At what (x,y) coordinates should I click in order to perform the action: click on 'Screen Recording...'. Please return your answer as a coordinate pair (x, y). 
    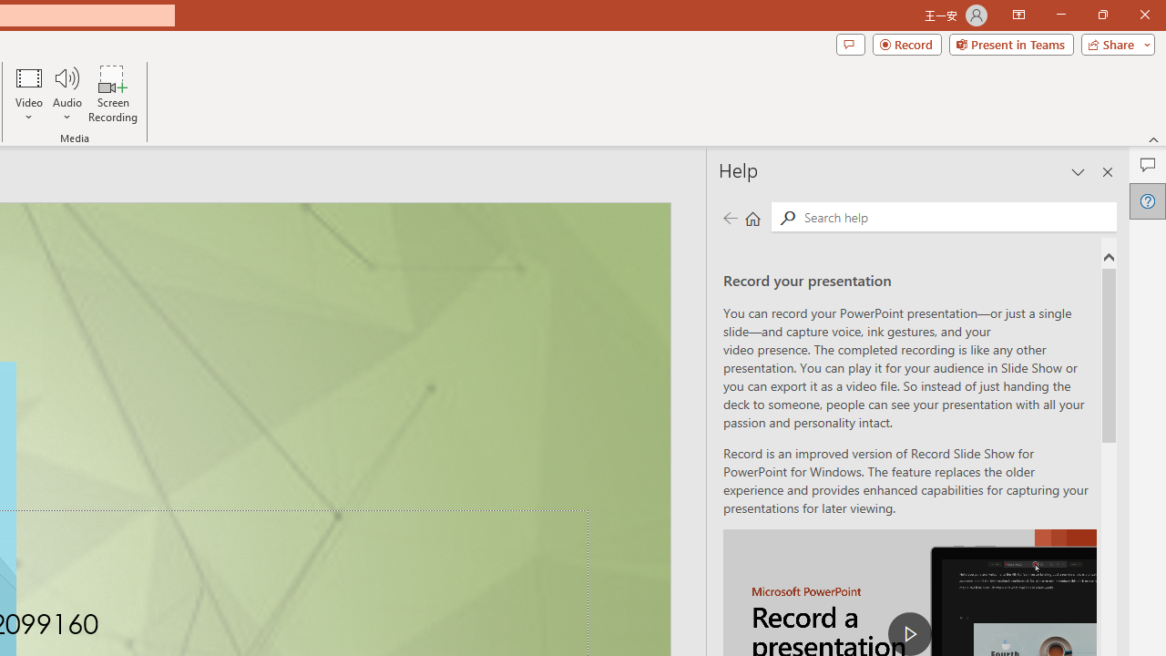
    Looking at the image, I should click on (112, 94).